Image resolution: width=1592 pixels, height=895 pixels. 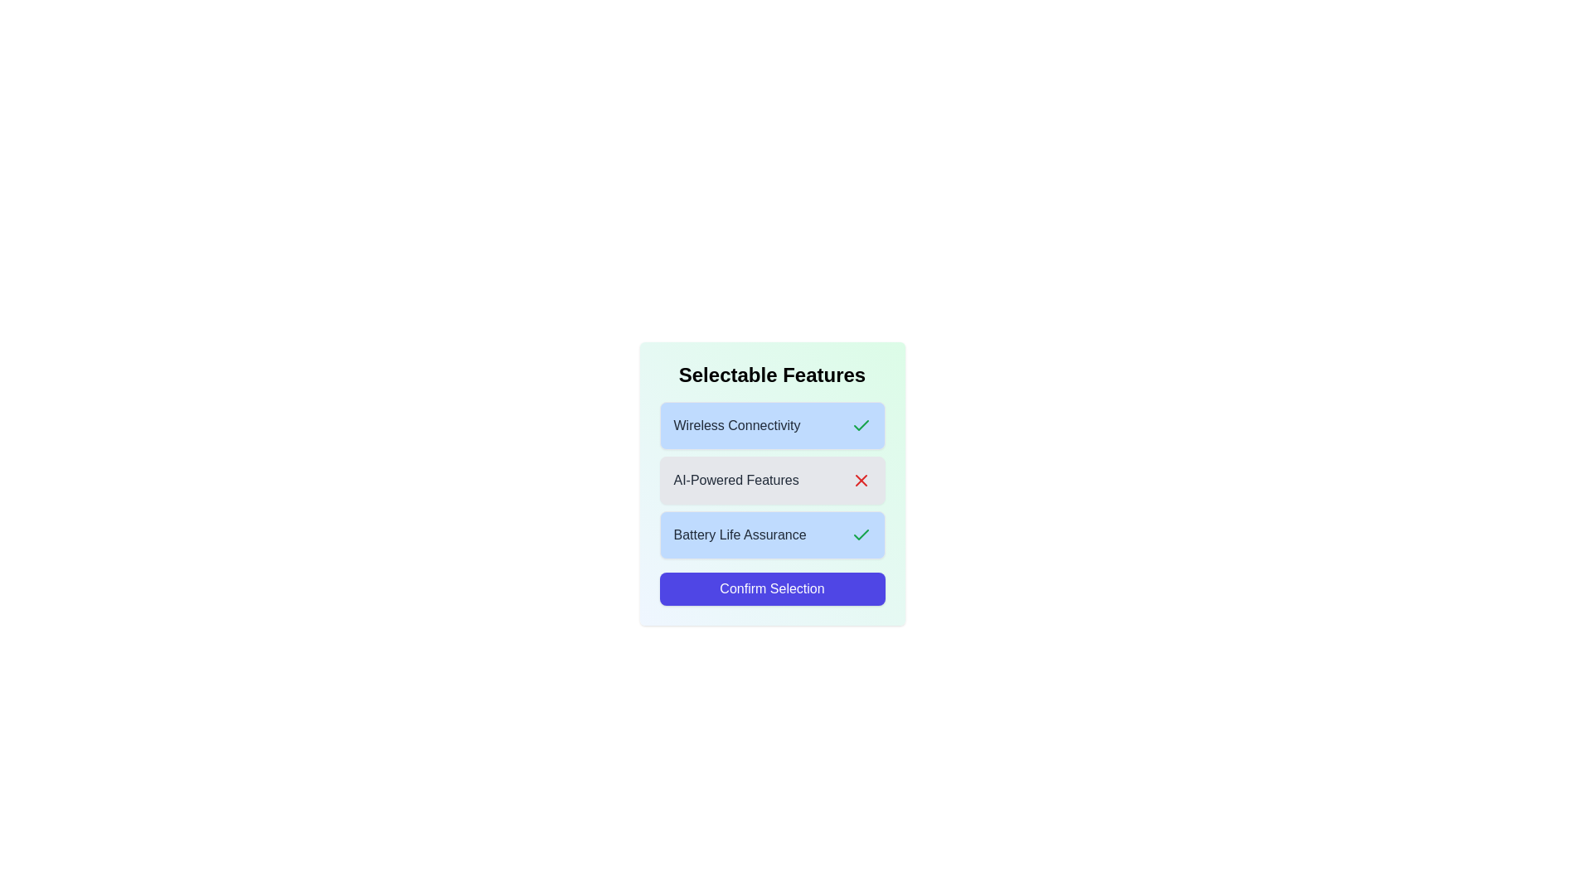 What do you see at coordinates (861, 480) in the screenshot?
I see `the cross icon indicating the deselected status of 'AI-Powered Features' in the second row of the selectable features list` at bounding box center [861, 480].